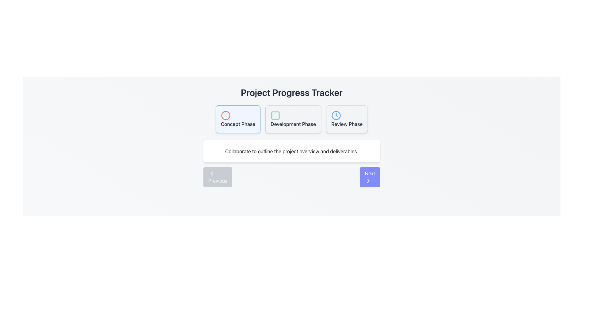  Describe the element at coordinates (347, 124) in the screenshot. I see `the 'Review Phase' text label located in the lower part of the third box from the left in the 'Project Progress Tracker' interface` at that location.